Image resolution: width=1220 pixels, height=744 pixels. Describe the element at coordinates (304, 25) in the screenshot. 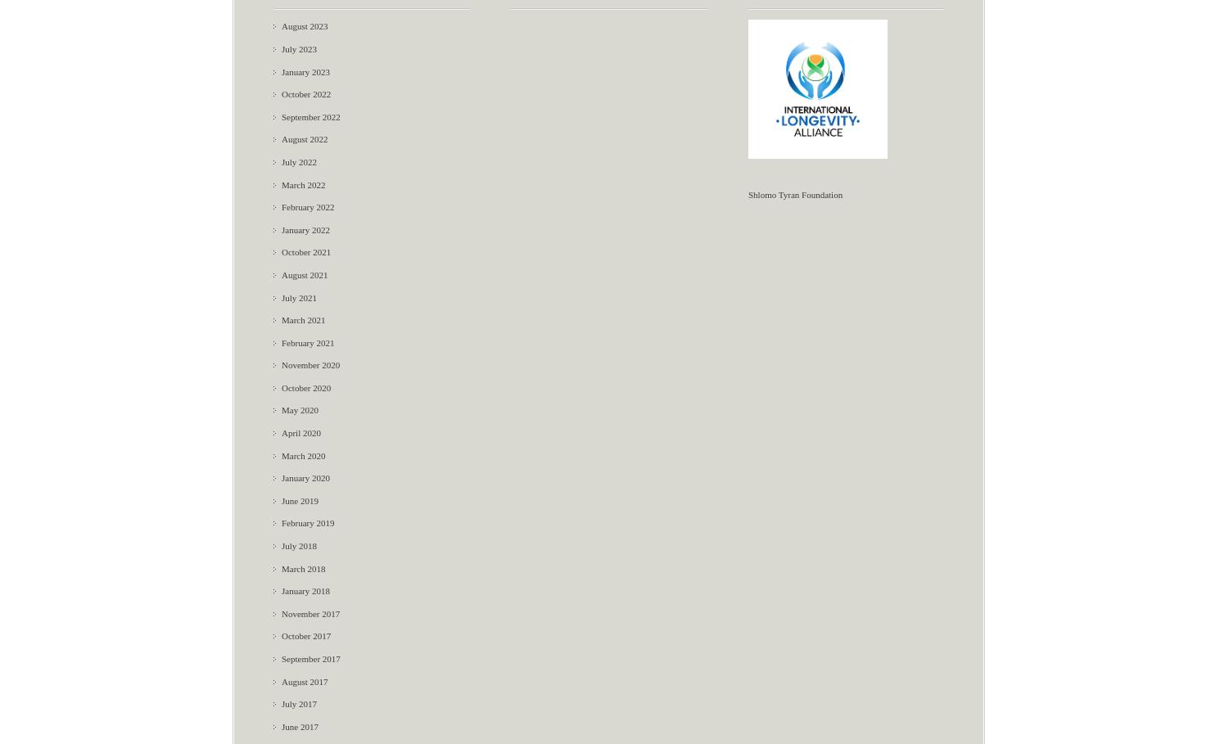

I see `'August 2023'` at that location.